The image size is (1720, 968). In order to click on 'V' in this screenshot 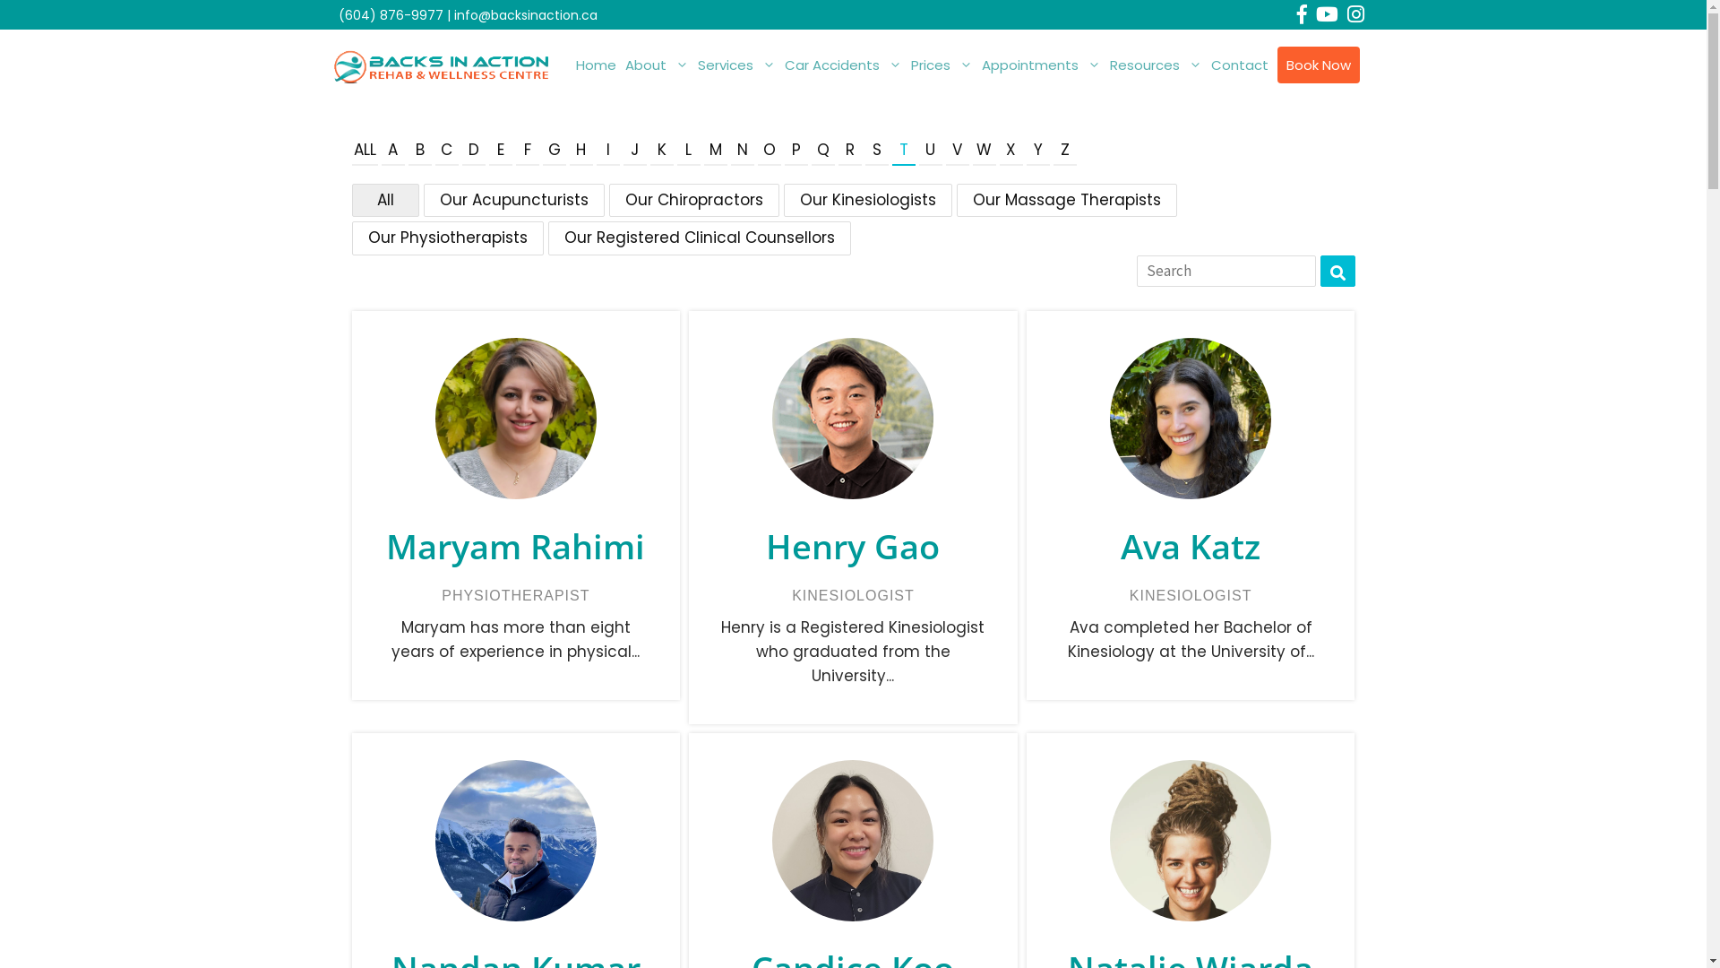, I will do `click(957, 151)`.